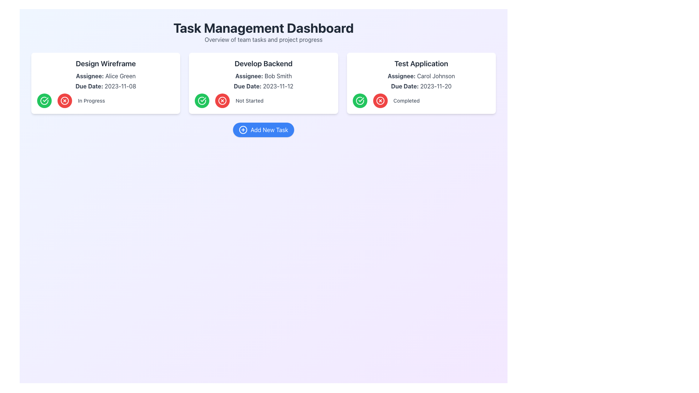 This screenshot has height=393, width=699. I want to click on the Icon (SVG) located within the 'Add New Task' button, so click(243, 130).